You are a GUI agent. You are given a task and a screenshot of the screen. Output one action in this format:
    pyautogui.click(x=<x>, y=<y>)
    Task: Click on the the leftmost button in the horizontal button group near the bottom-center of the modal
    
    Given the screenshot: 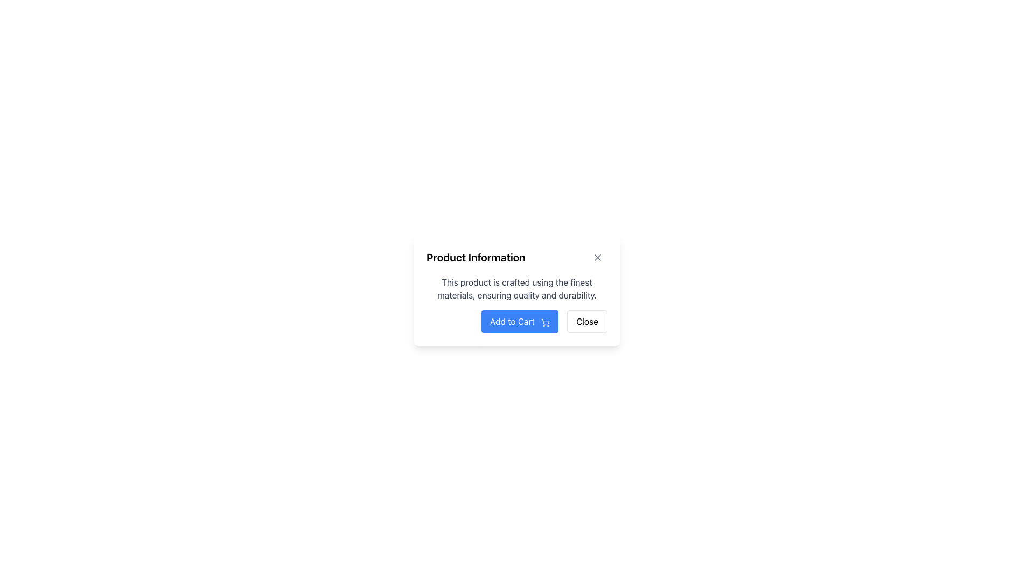 What is the action you would take?
    pyautogui.click(x=520, y=321)
    